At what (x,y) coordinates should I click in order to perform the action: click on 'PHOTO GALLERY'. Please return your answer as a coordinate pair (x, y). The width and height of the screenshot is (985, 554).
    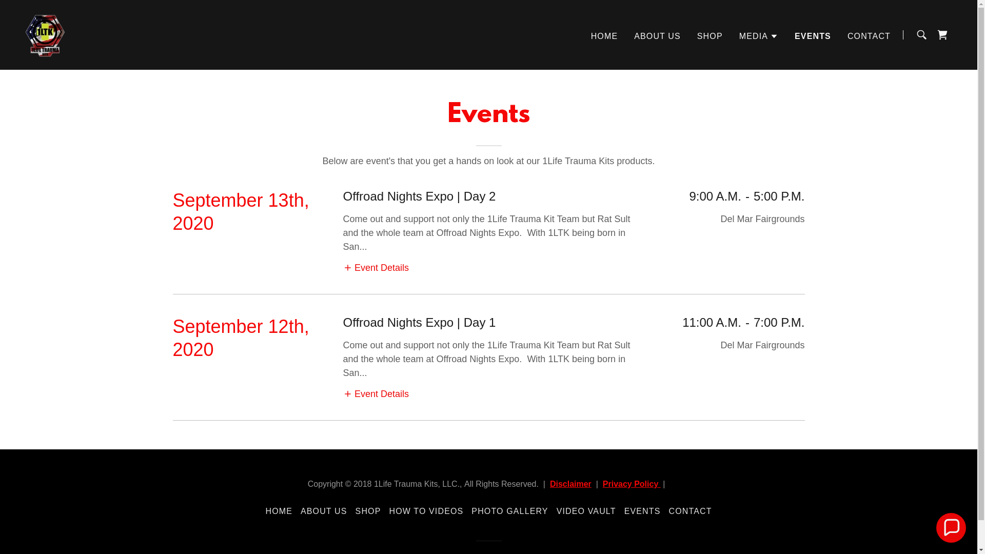
    Looking at the image, I should click on (509, 511).